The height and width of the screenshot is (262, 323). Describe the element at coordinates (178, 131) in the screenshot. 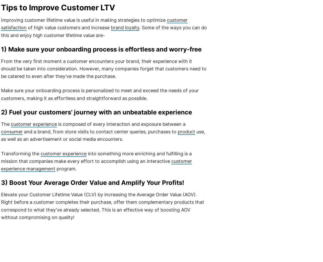

I see `'product'` at that location.